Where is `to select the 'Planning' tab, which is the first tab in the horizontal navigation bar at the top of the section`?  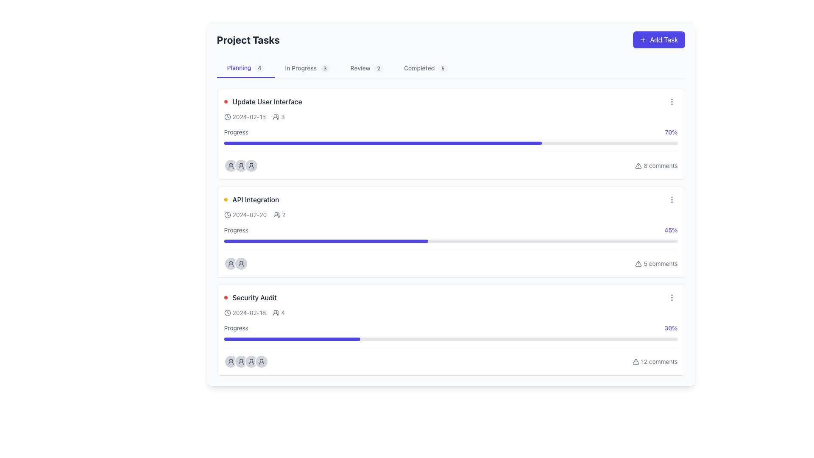 to select the 'Planning' tab, which is the first tab in the horizontal navigation bar at the top of the section is located at coordinates (245, 68).